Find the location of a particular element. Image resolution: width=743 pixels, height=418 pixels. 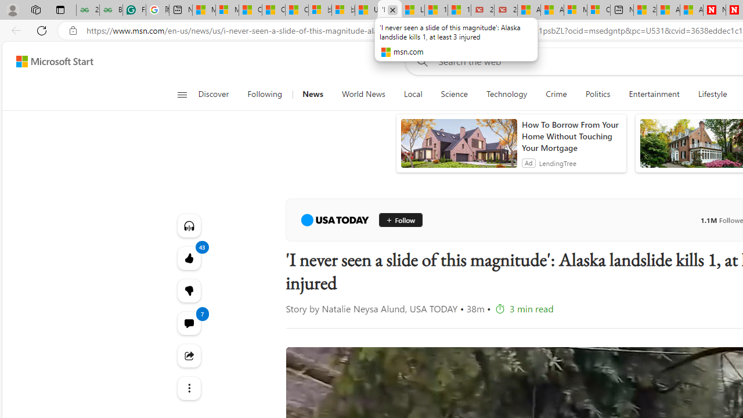

'Cloud Computing Services | Microsoft Azure' is located at coordinates (598, 10).